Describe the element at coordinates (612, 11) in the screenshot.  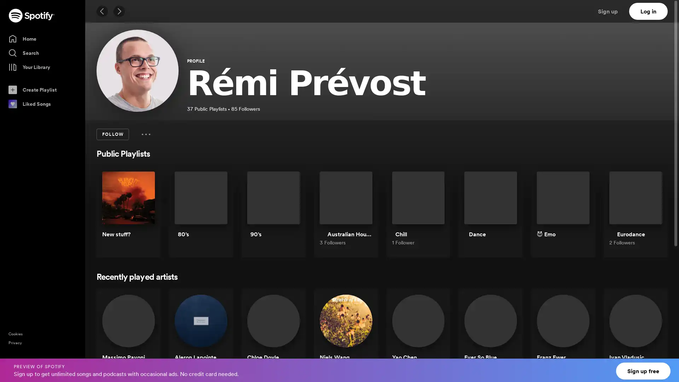
I see `Sign up` at that location.